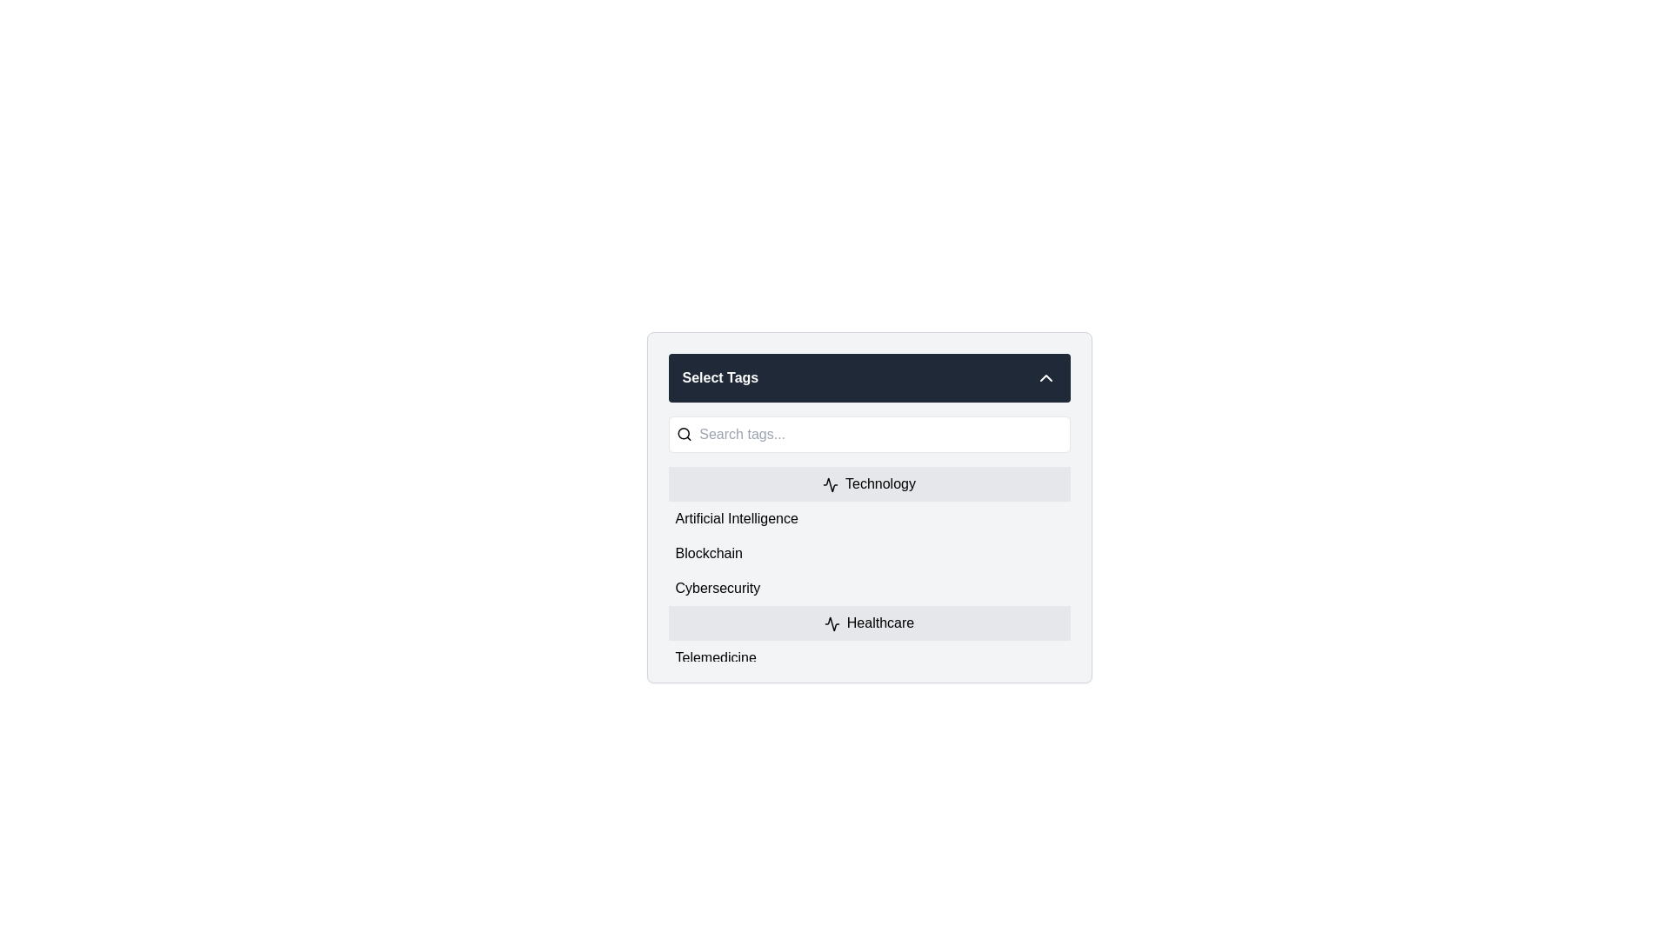 The image size is (1670, 939). Describe the element at coordinates (716, 657) in the screenshot. I see `the text label under the 'Healthcare' category` at that location.